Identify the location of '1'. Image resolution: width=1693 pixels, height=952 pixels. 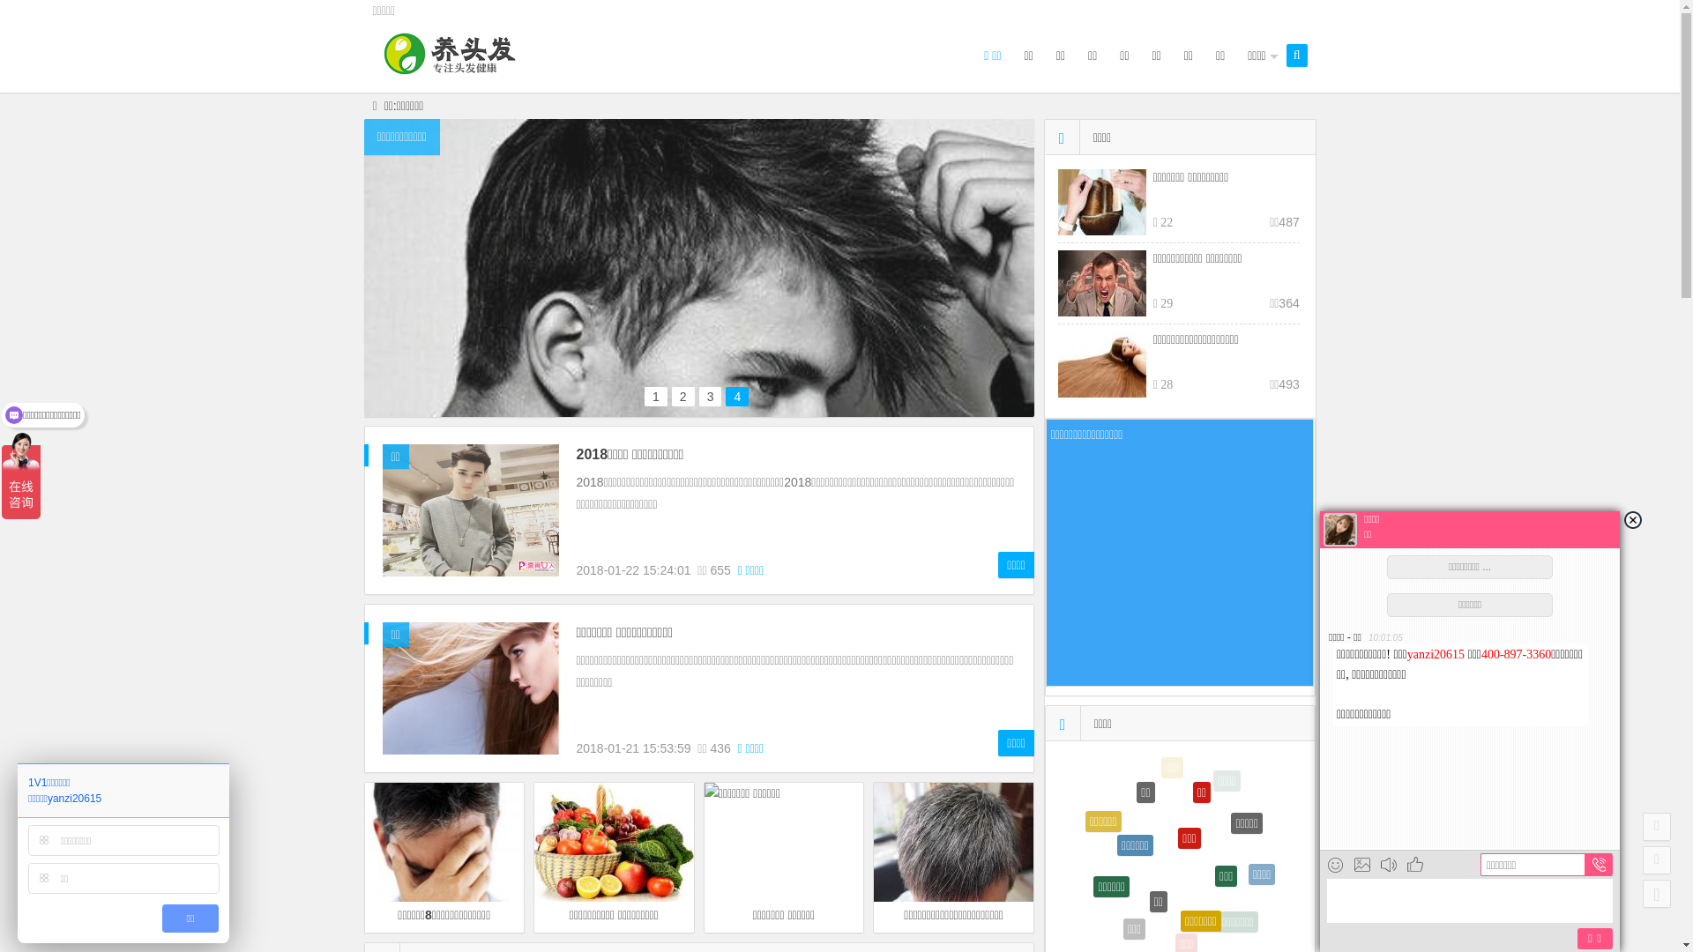
(655, 394).